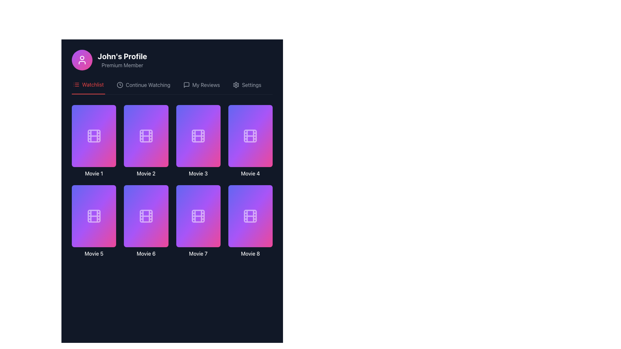 The width and height of the screenshot is (621, 349). I want to click on the seventh card in the grid layout, which has a gradient background from indigo to pink and displays the label 'Movie 7' below a minimalist film icon, so click(198, 221).